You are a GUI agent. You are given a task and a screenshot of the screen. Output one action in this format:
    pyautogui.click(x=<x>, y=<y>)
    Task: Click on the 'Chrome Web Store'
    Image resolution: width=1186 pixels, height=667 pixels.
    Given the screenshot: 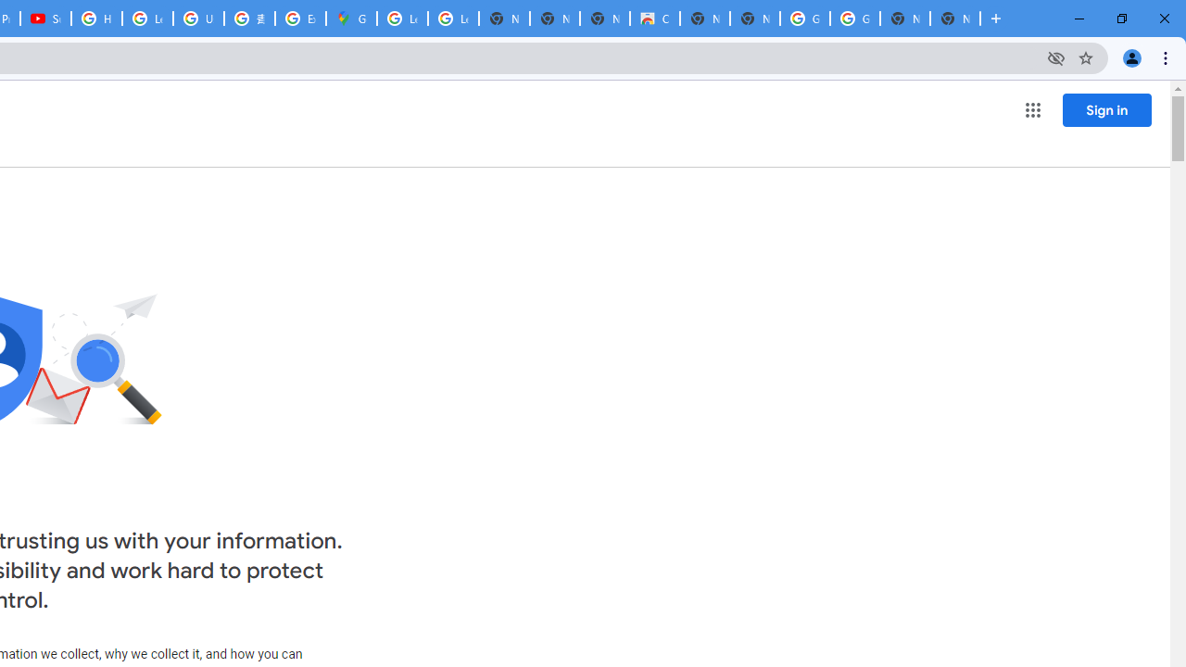 What is the action you would take?
    pyautogui.click(x=654, y=19)
    